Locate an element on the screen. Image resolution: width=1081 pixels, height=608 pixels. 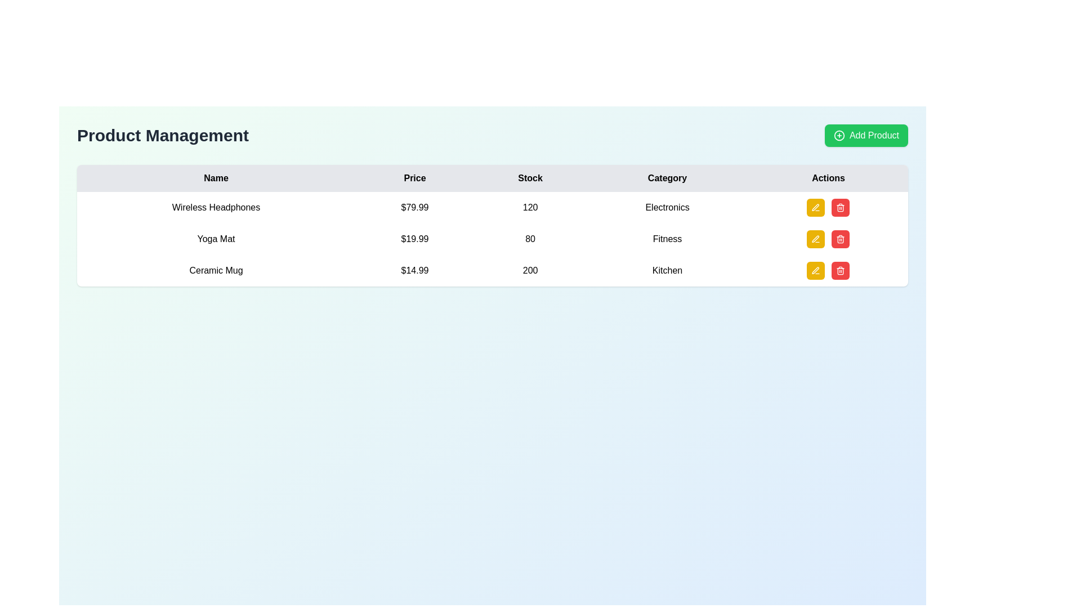
the main outline of the trash bin icon in the 'Actions' column for the third item in the product table is located at coordinates (841, 208).